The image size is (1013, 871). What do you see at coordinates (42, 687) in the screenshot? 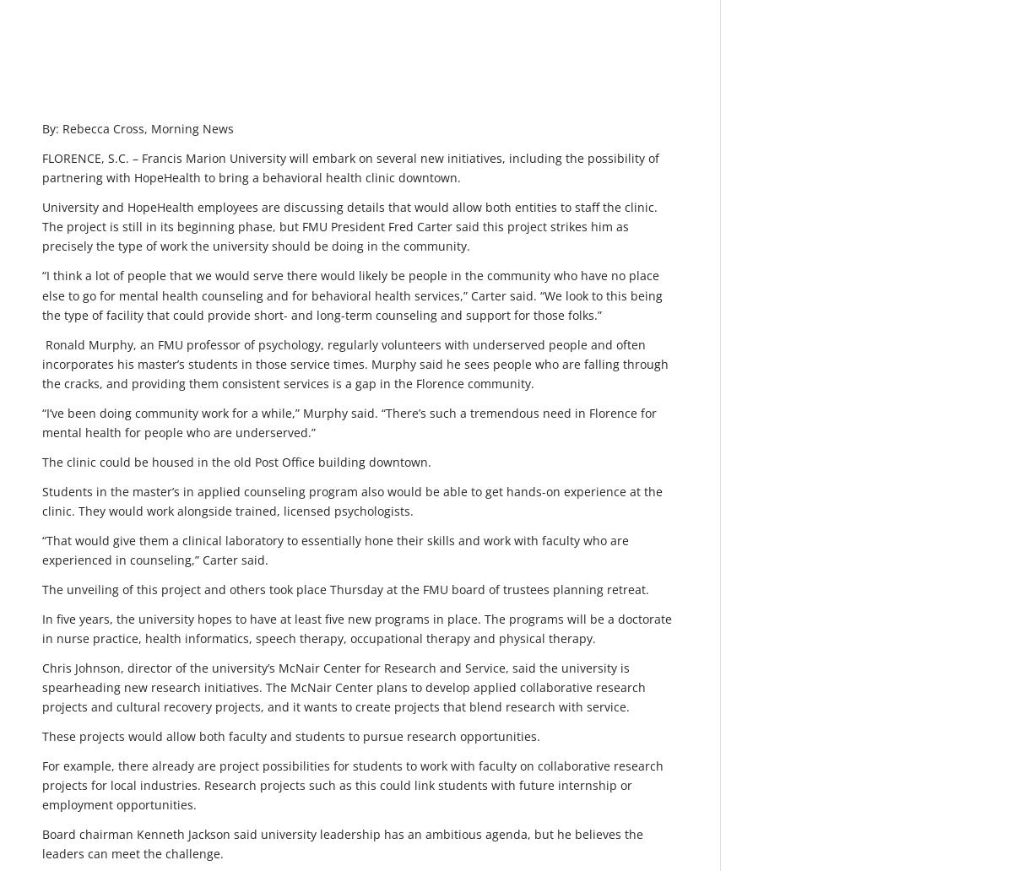
I see `'Chris Johnson, director of the university’s McNair Center for Research and Service, said the university is spearheading new research initiatives. The McNair Center plans to develop applied collaborative research projects and cultural recovery projects, and it wants to create projects that blend research with service.'` at bounding box center [42, 687].